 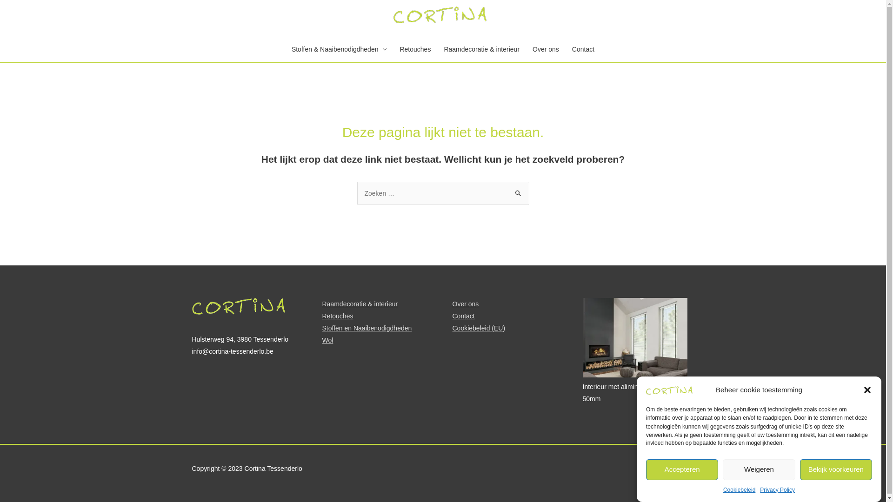 What do you see at coordinates (366, 327) in the screenshot?
I see `'Stoffen en Naaibenodigdheden'` at bounding box center [366, 327].